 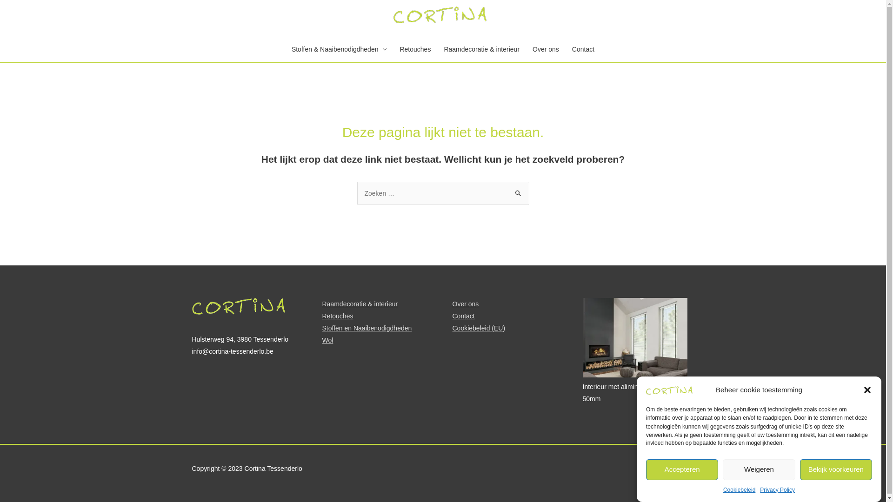 What do you see at coordinates (366, 327) in the screenshot?
I see `'Stoffen en Naaibenodigdheden'` at bounding box center [366, 327].